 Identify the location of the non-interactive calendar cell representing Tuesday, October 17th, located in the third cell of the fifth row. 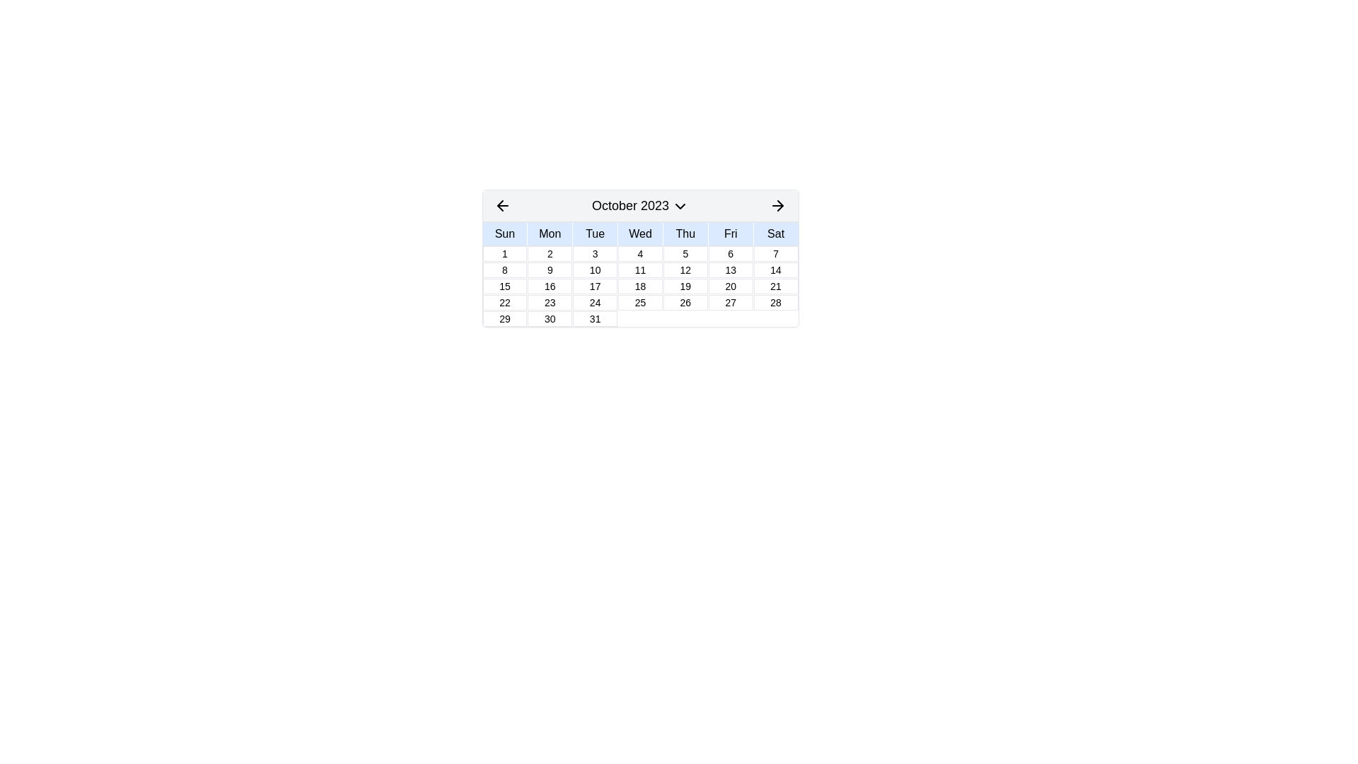
(595, 286).